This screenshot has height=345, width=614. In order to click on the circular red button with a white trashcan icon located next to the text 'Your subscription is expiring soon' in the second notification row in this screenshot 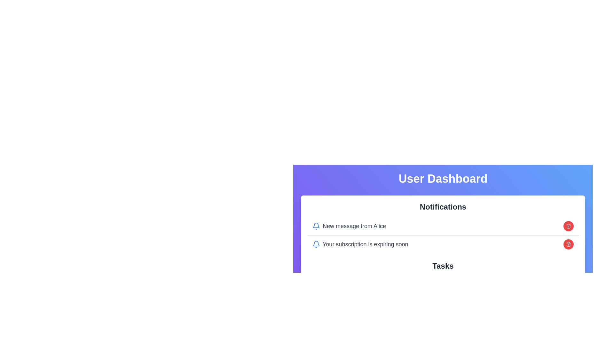, I will do `click(568, 244)`.